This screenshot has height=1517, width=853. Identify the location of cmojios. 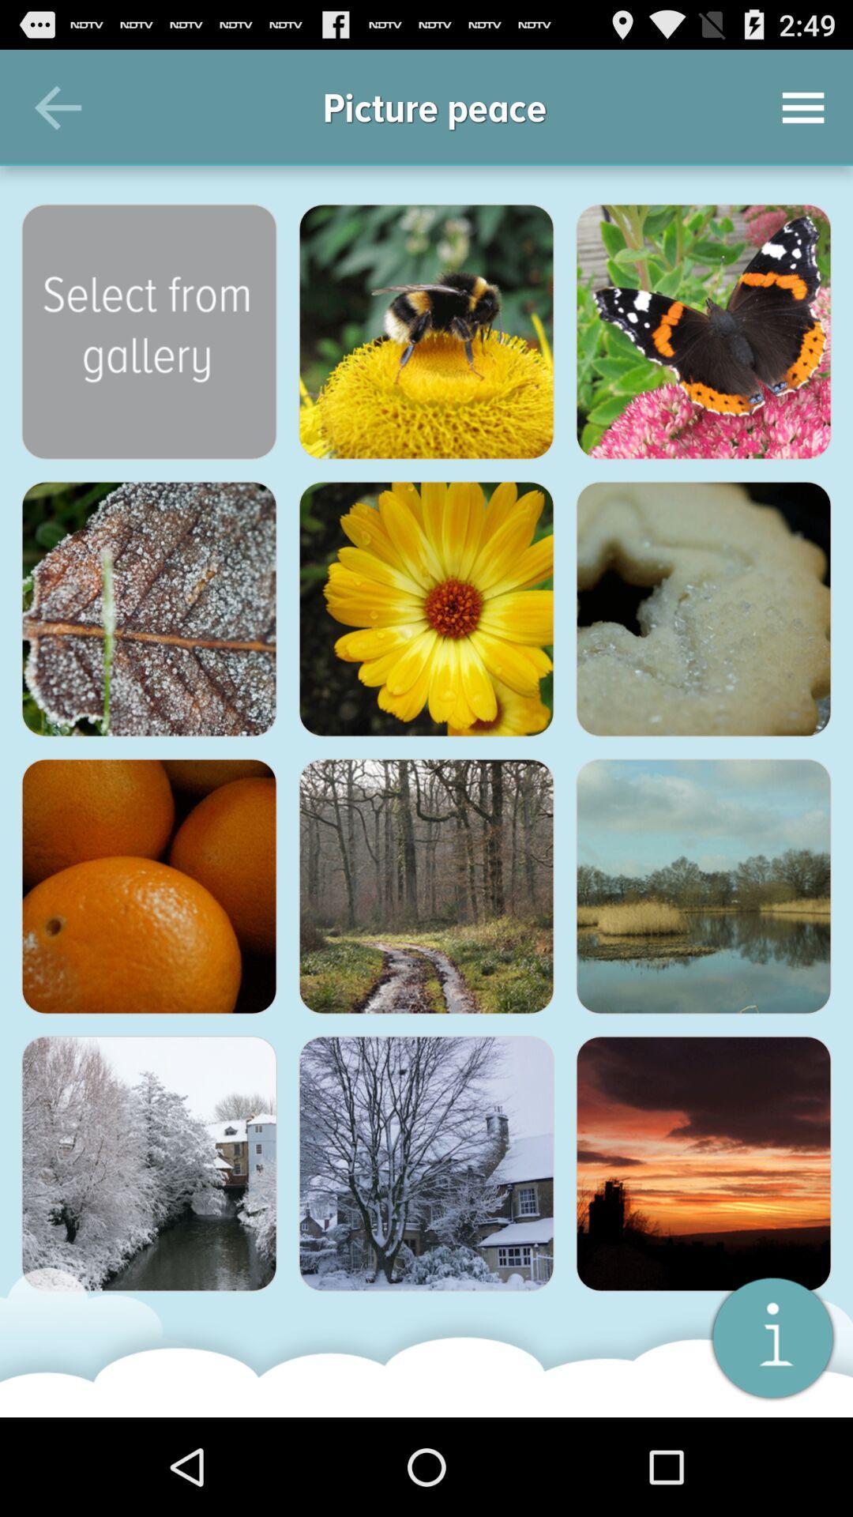
(772, 1336).